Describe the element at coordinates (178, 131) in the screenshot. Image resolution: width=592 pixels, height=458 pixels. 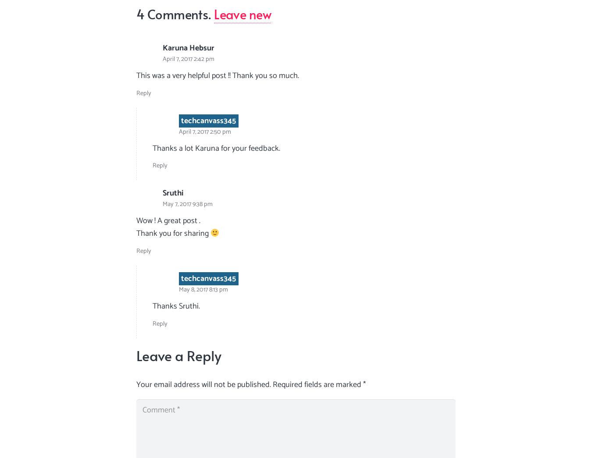
I see `'April 7, 2017 2:50 pm'` at that location.